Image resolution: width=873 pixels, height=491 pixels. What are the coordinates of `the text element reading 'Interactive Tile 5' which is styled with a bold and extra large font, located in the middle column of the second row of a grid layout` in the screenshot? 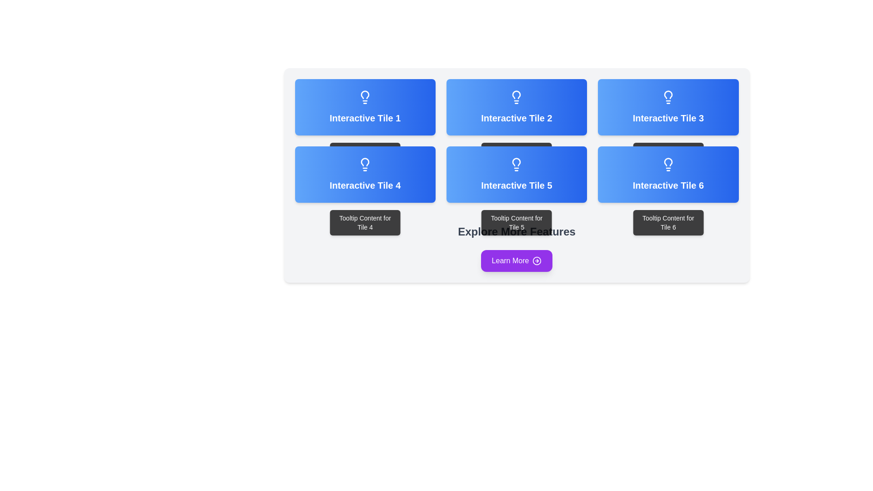 It's located at (517, 185).